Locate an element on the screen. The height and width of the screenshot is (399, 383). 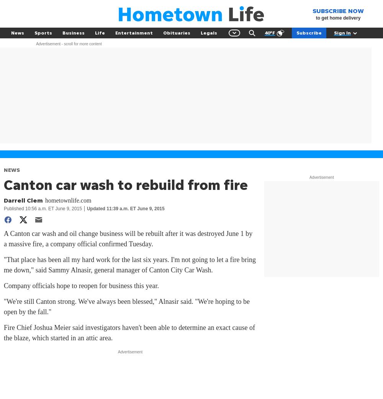
'Entertainment' is located at coordinates (134, 32).